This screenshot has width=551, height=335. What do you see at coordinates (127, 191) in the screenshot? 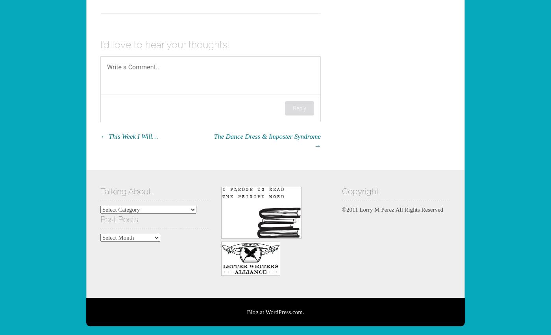
I see `'Talking About…'` at bounding box center [127, 191].